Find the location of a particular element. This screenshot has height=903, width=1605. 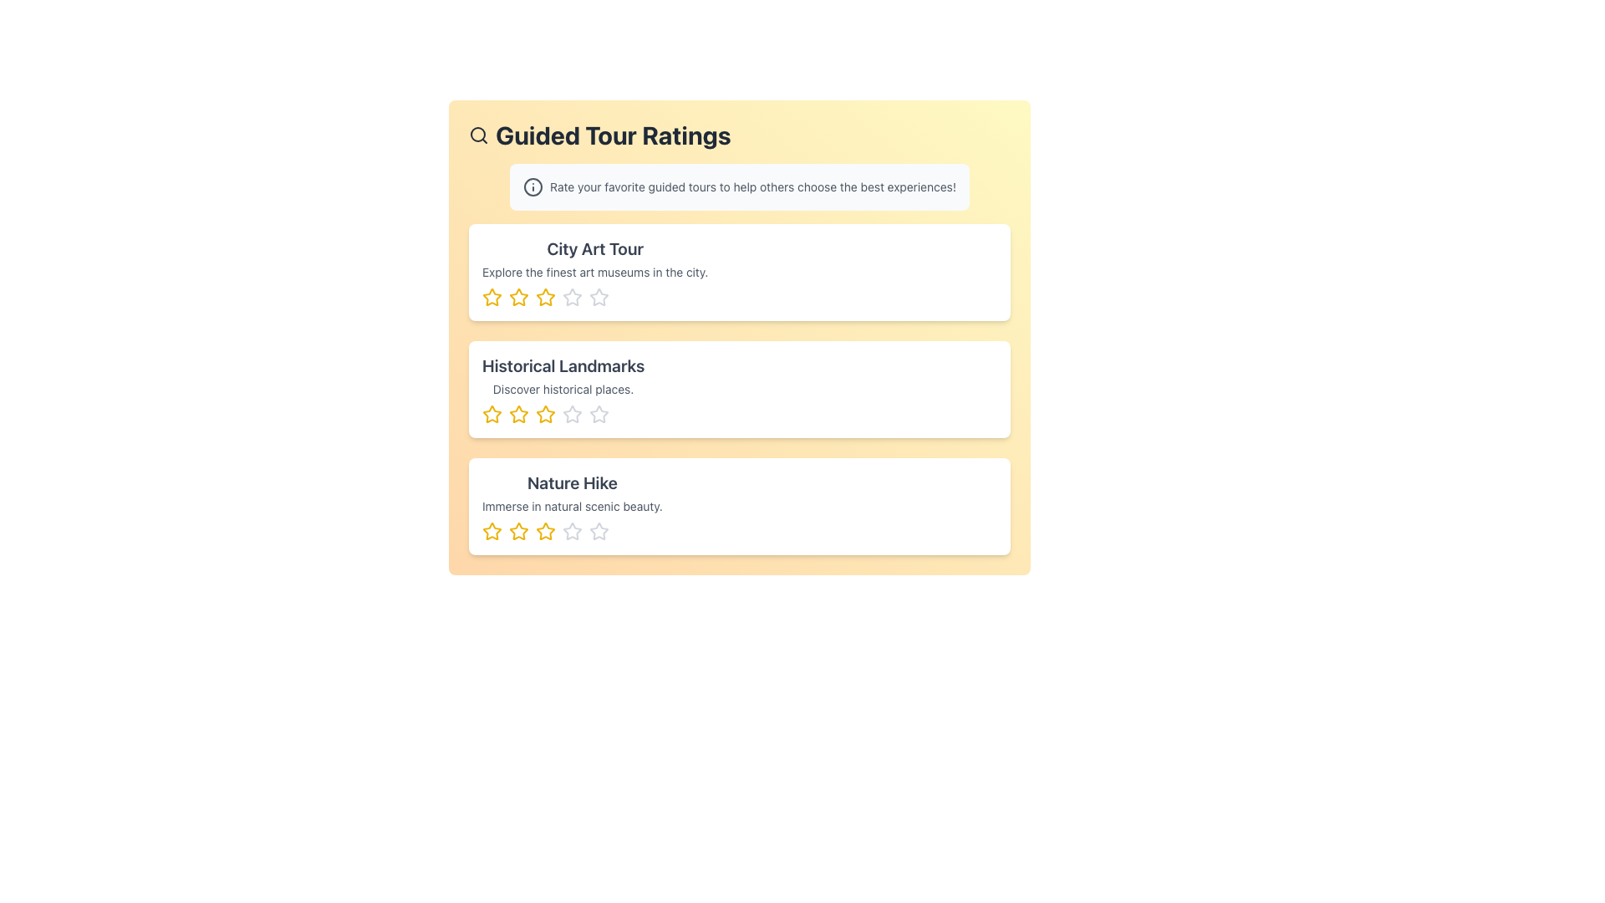

the first star-shaped rating icon in the rating section for 'Nature Hike' is located at coordinates (517, 531).